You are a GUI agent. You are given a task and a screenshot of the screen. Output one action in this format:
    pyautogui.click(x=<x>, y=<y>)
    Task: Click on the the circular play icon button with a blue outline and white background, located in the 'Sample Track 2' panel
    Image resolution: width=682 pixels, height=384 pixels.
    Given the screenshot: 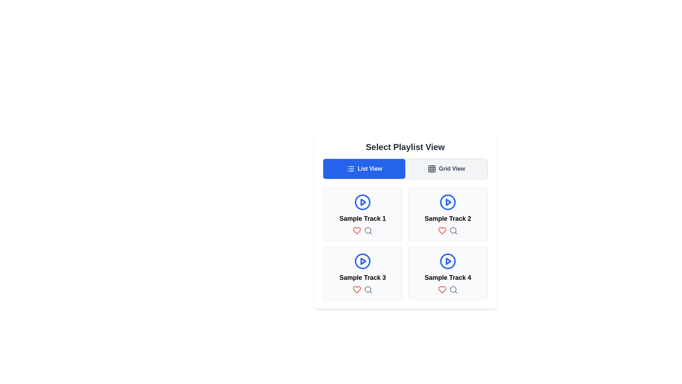 What is the action you would take?
    pyautogui.click(x=448, y=202)
    